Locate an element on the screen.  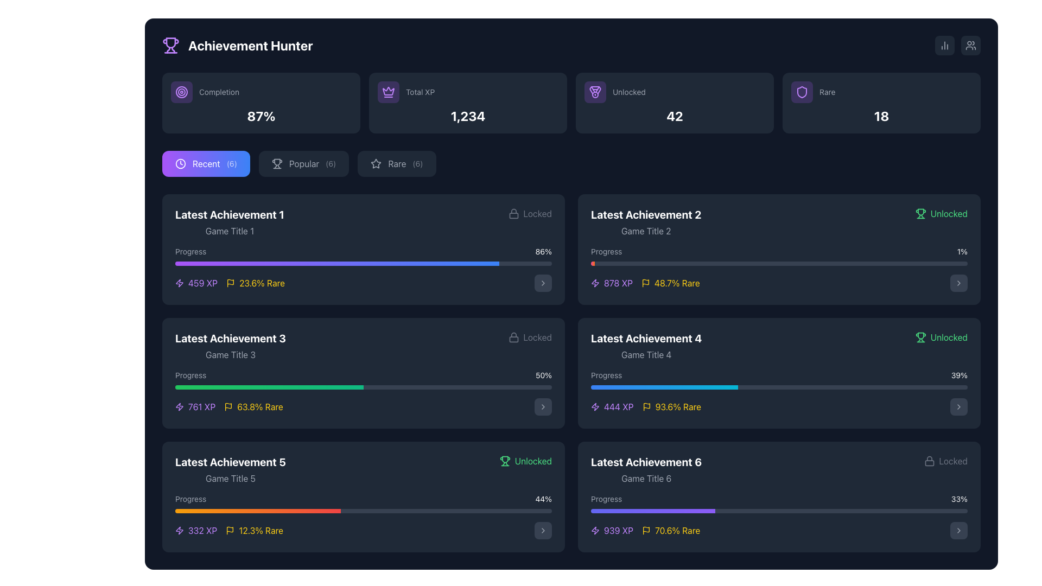
the text label displaying 'Game Title 6' in gray font, which is located directly beneath the bolded title 'Latest Achievement 6' is located at coordinates (646, 478).